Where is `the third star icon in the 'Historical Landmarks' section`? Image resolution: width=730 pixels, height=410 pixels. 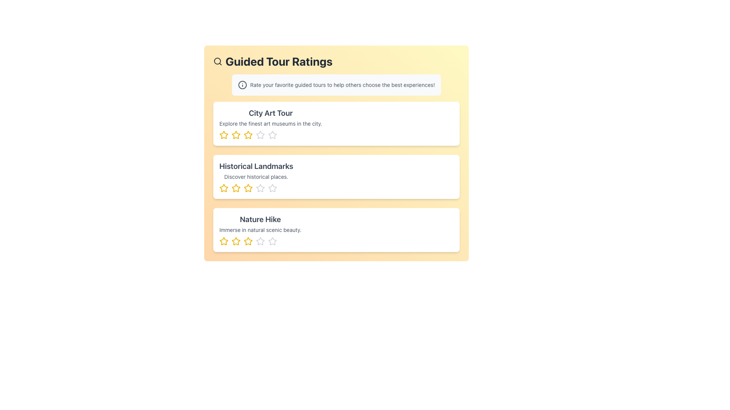 the third star icon in the 'Historical Landmarks' section is located at coordinates (272, 188).